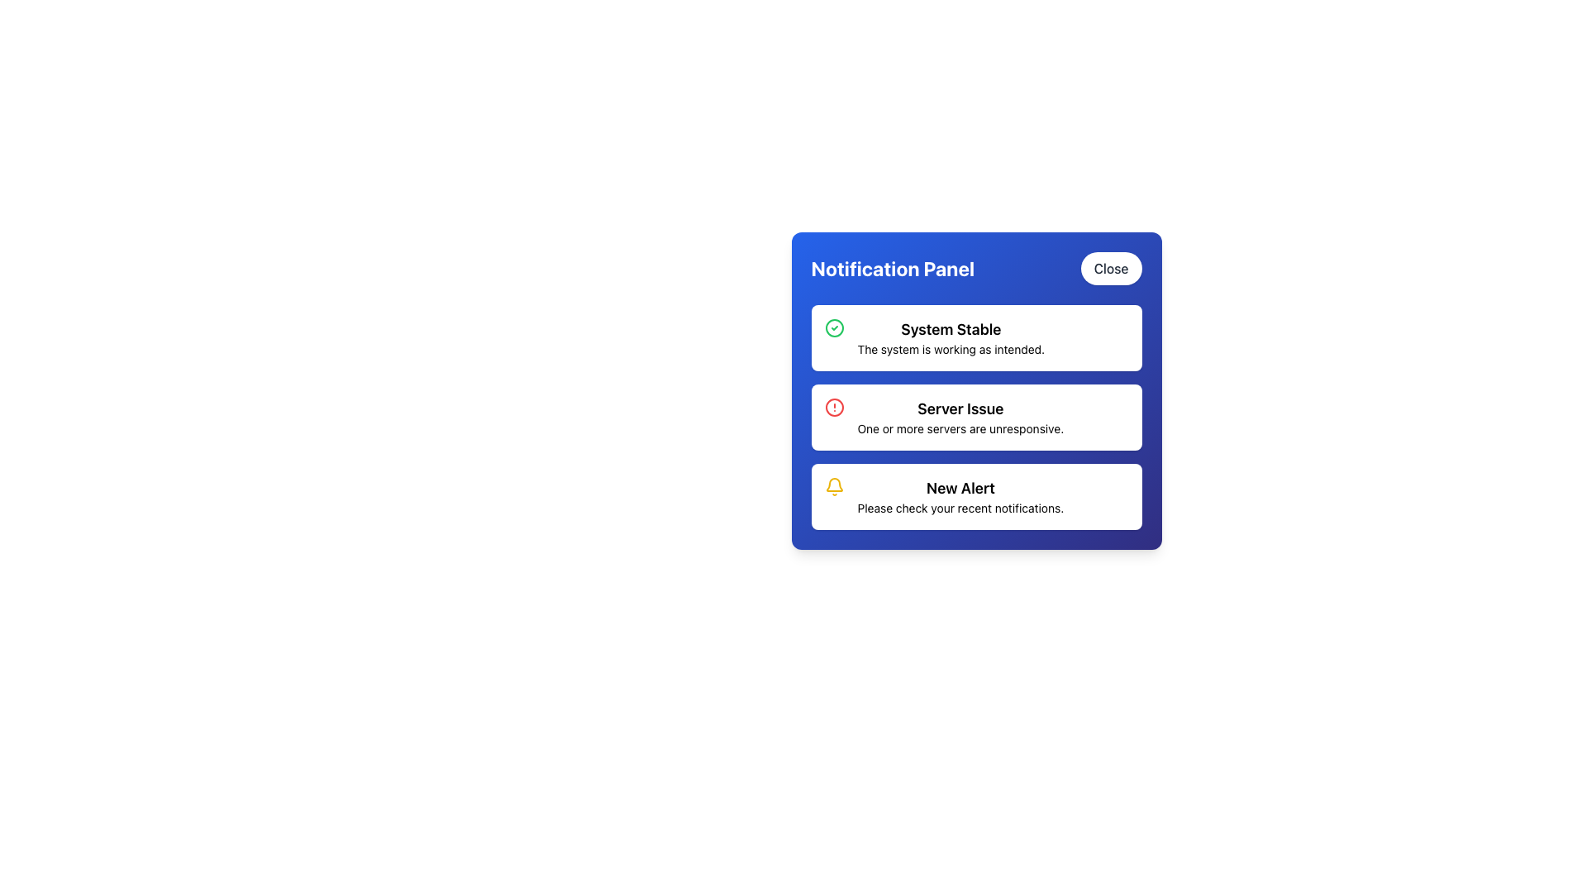  I want to click on the validation status represented by the circular green icon with a checkmark located to the left of 'System Stable' in the notification panel, so click(834, 328).